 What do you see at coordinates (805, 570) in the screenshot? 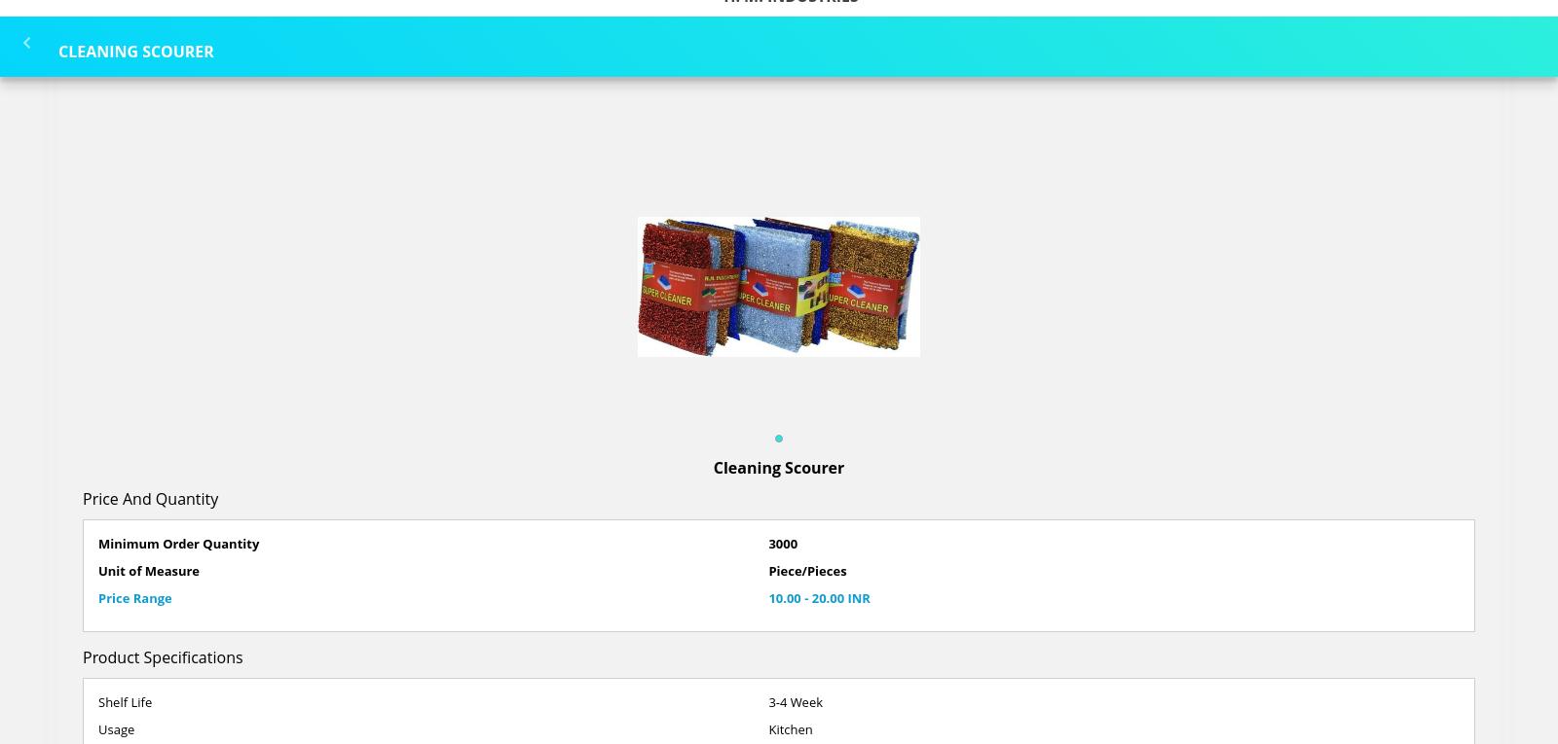
I see `'Piece/Pieces'` at bounding box center [805, 570].